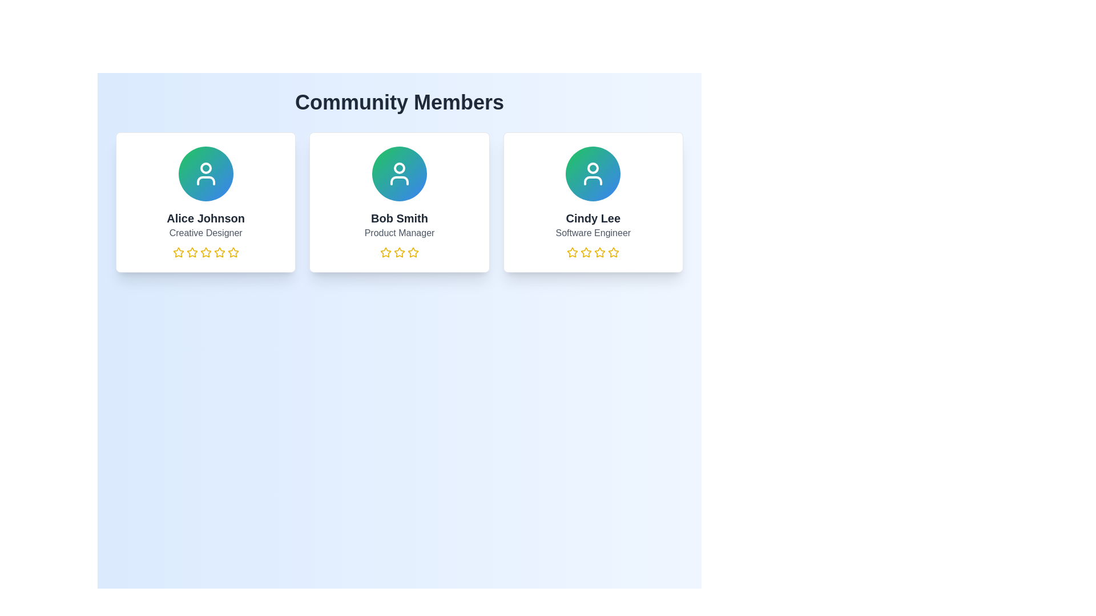 The image size is (1096, 616). Describe the element at coordinates (205, 168) in the screenshot. I see `the Circle (SVG) that represents the head in the avatar illustration of Alice Johnson's profile card within the Community Members section` at that location.